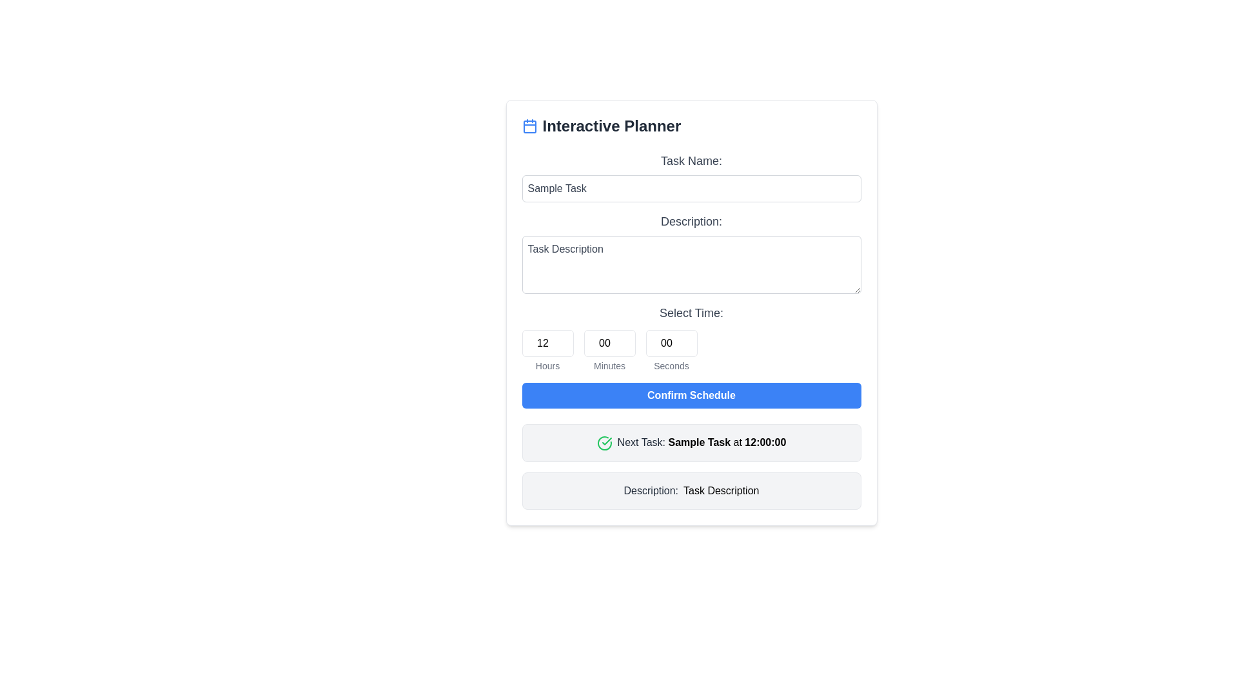 Image resolution: width=1238 pixels, height=696 pixels. Describe the element at coordinates (691, 313) in the screenshot. I see `the text label that displays 'Select Time:', which is styled in bold gray sans-serif font and is the fourth label in the form layout` at that location.